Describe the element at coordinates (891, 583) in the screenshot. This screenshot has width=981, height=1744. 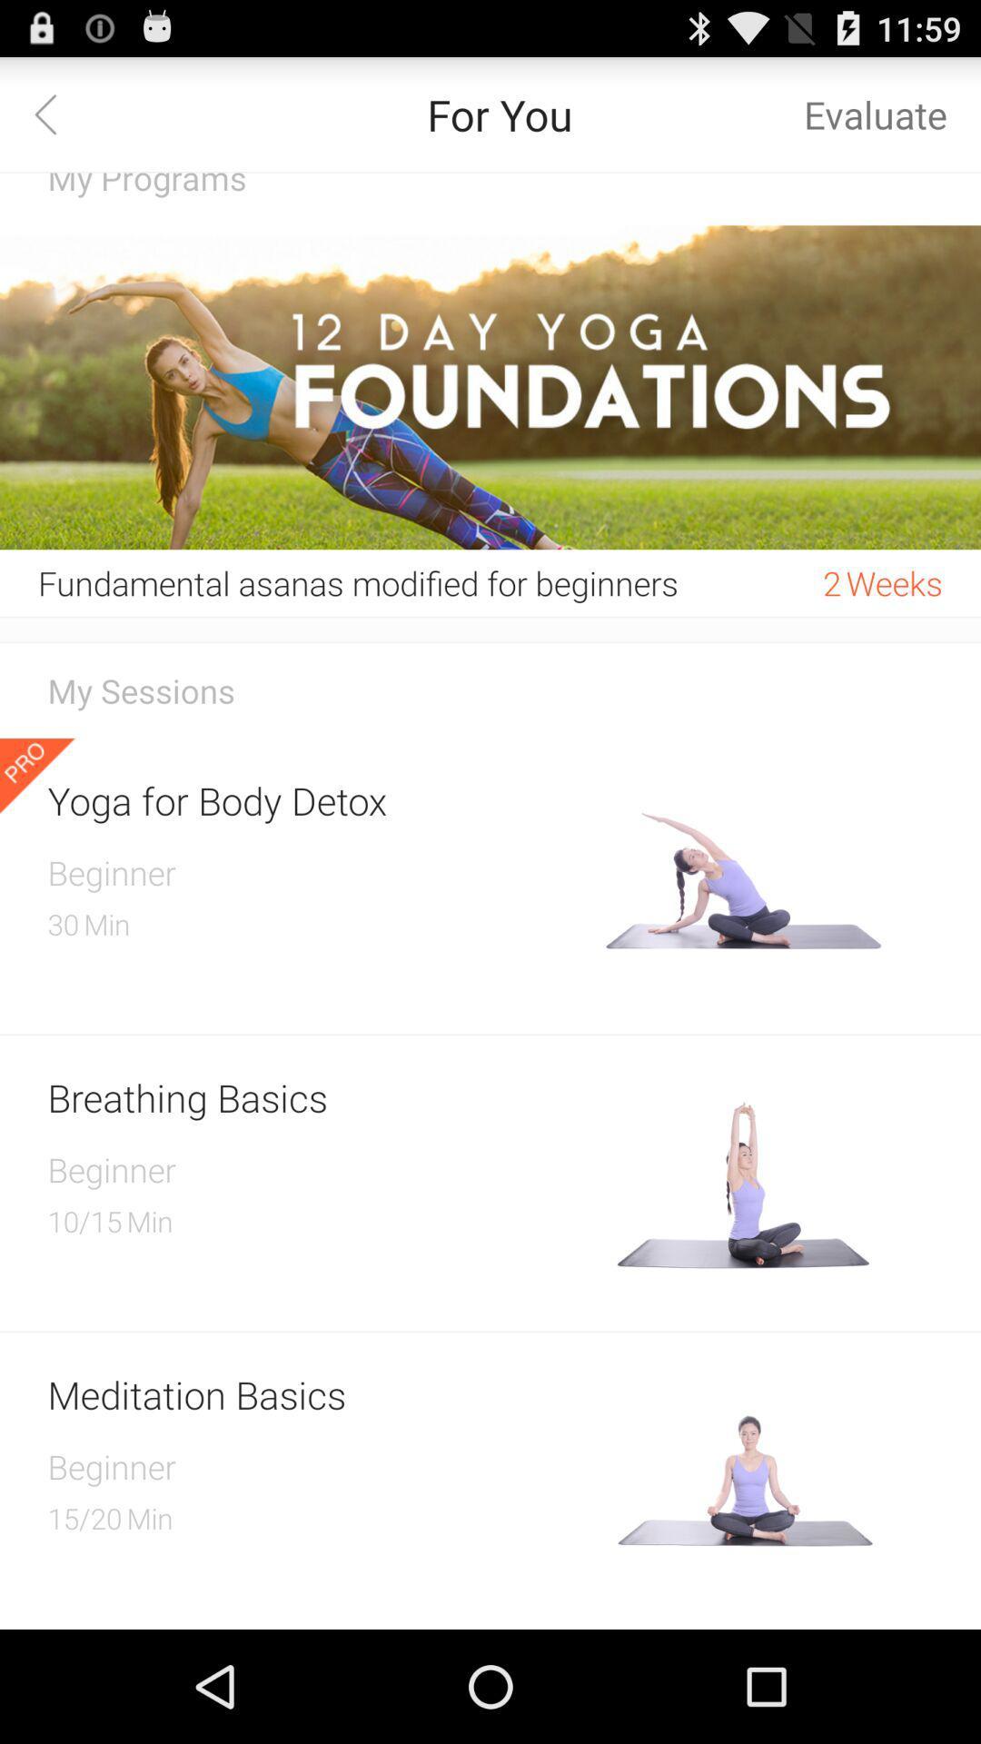
I see `item to the right of the 2` at that location.